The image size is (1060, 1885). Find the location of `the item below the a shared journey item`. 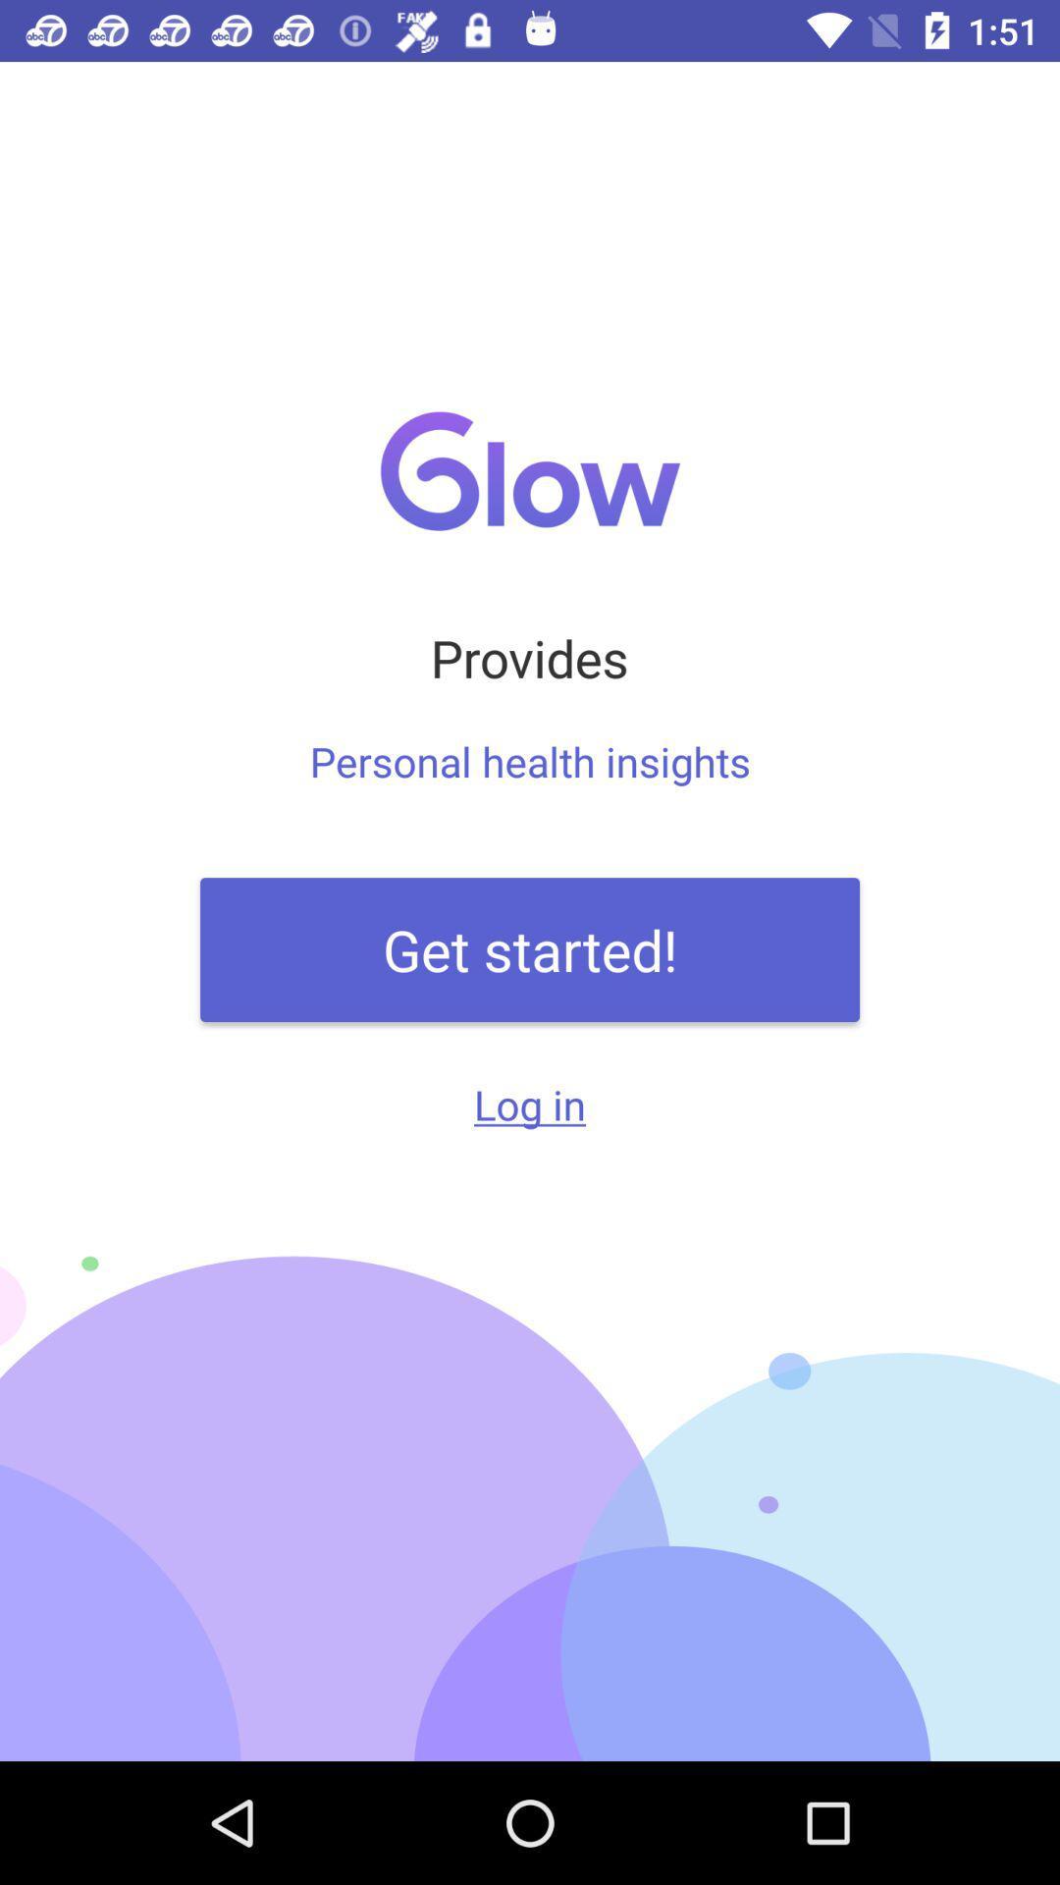

the item below the a shared journey item is located at coordinates (530, 949).